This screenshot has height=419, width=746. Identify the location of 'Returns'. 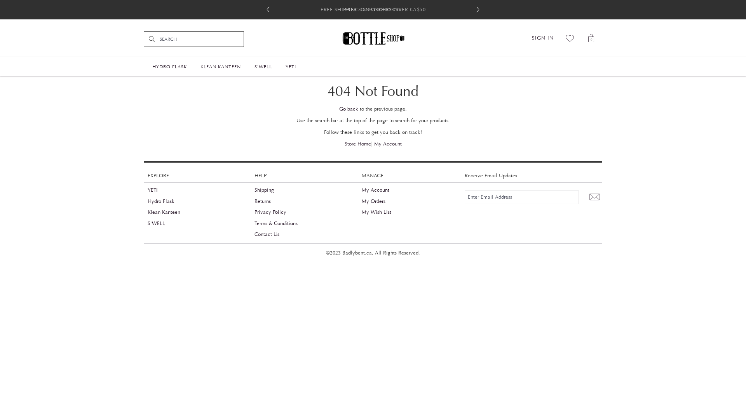
(263, 201).